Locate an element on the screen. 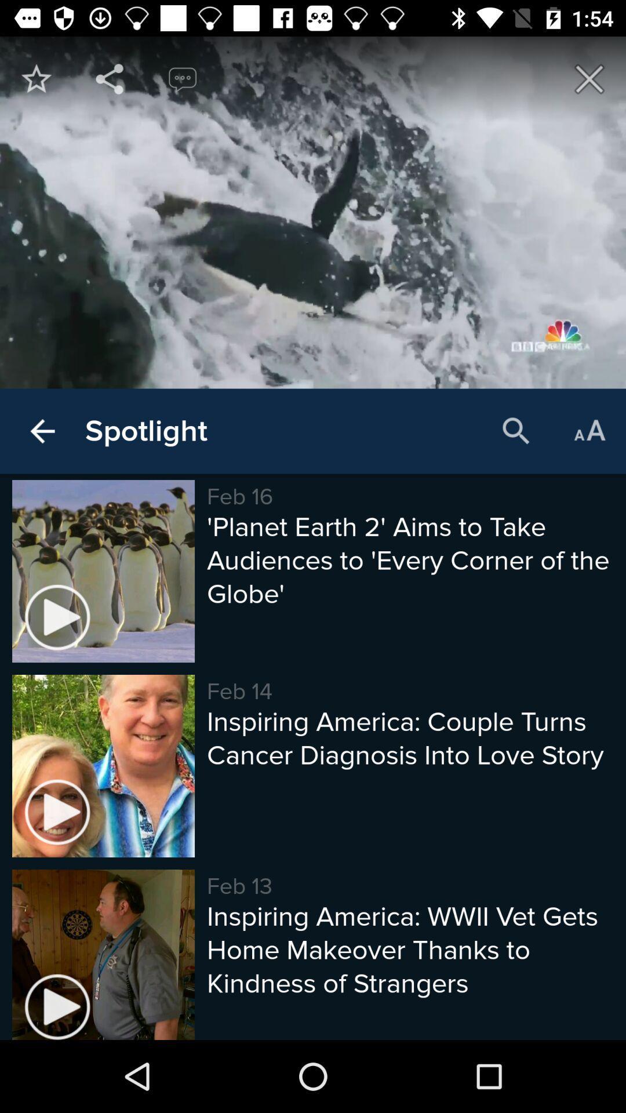 This screenshot has width=626, height=1113. the chat icon is located at coordinates (183, 78).